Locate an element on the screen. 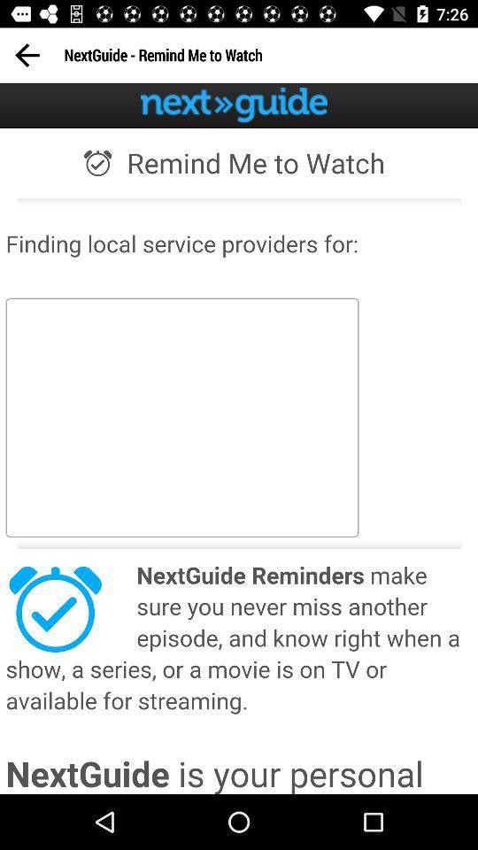 This screenshot has width=478, height=850. the arrow_backward icon is located at coordinates (26, 55).